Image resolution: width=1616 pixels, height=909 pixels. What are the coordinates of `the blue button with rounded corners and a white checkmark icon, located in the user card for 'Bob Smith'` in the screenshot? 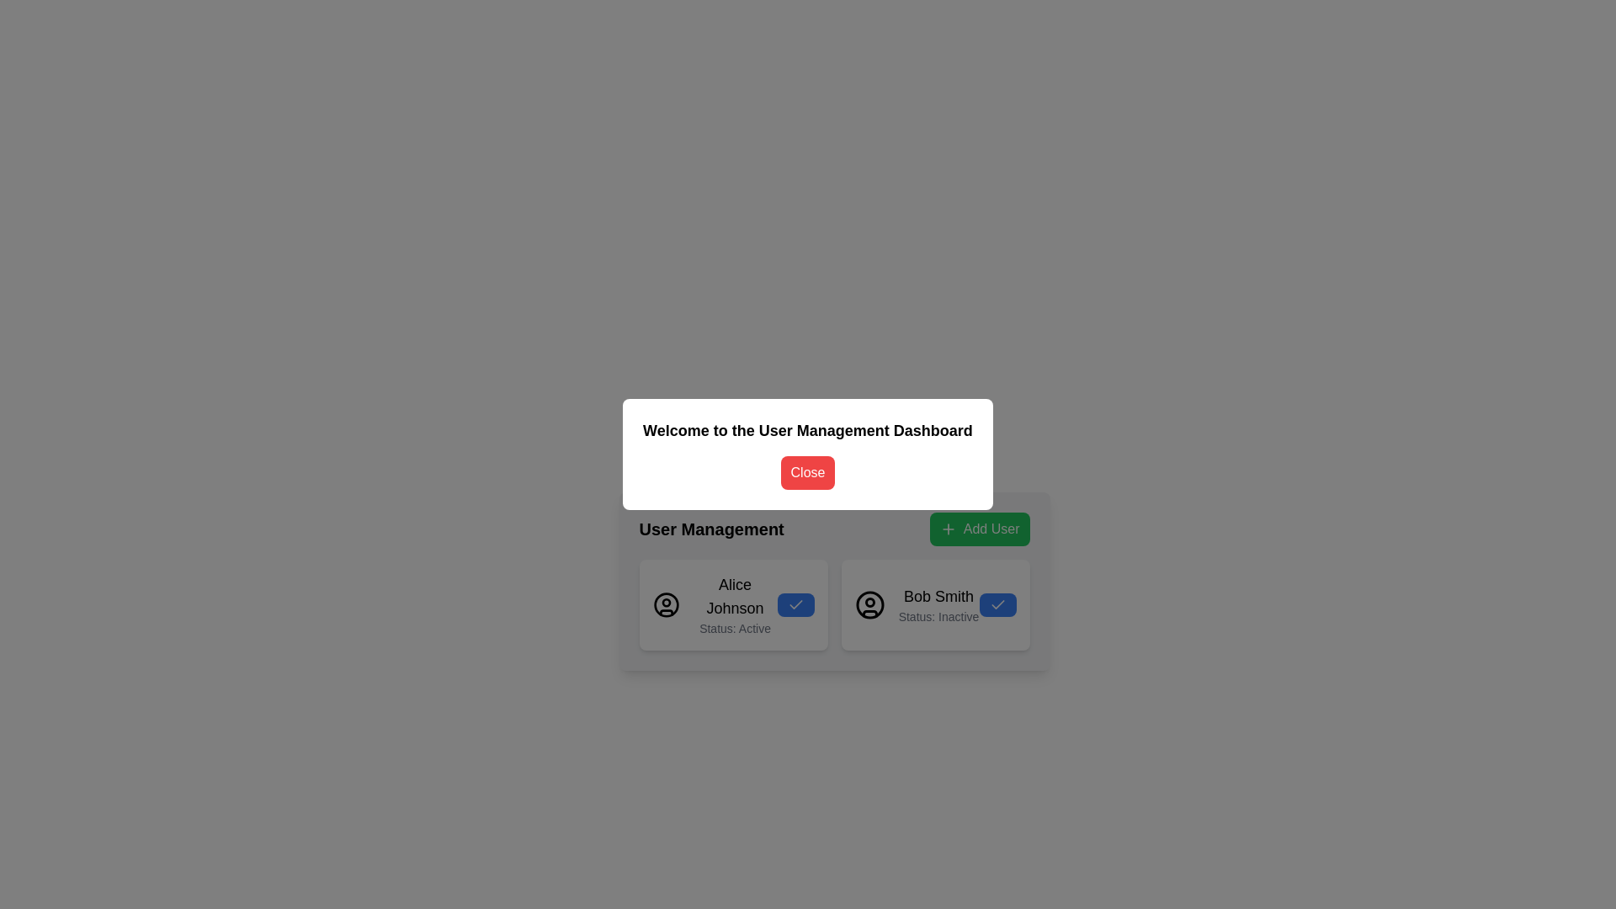 It's located at (997, 603).